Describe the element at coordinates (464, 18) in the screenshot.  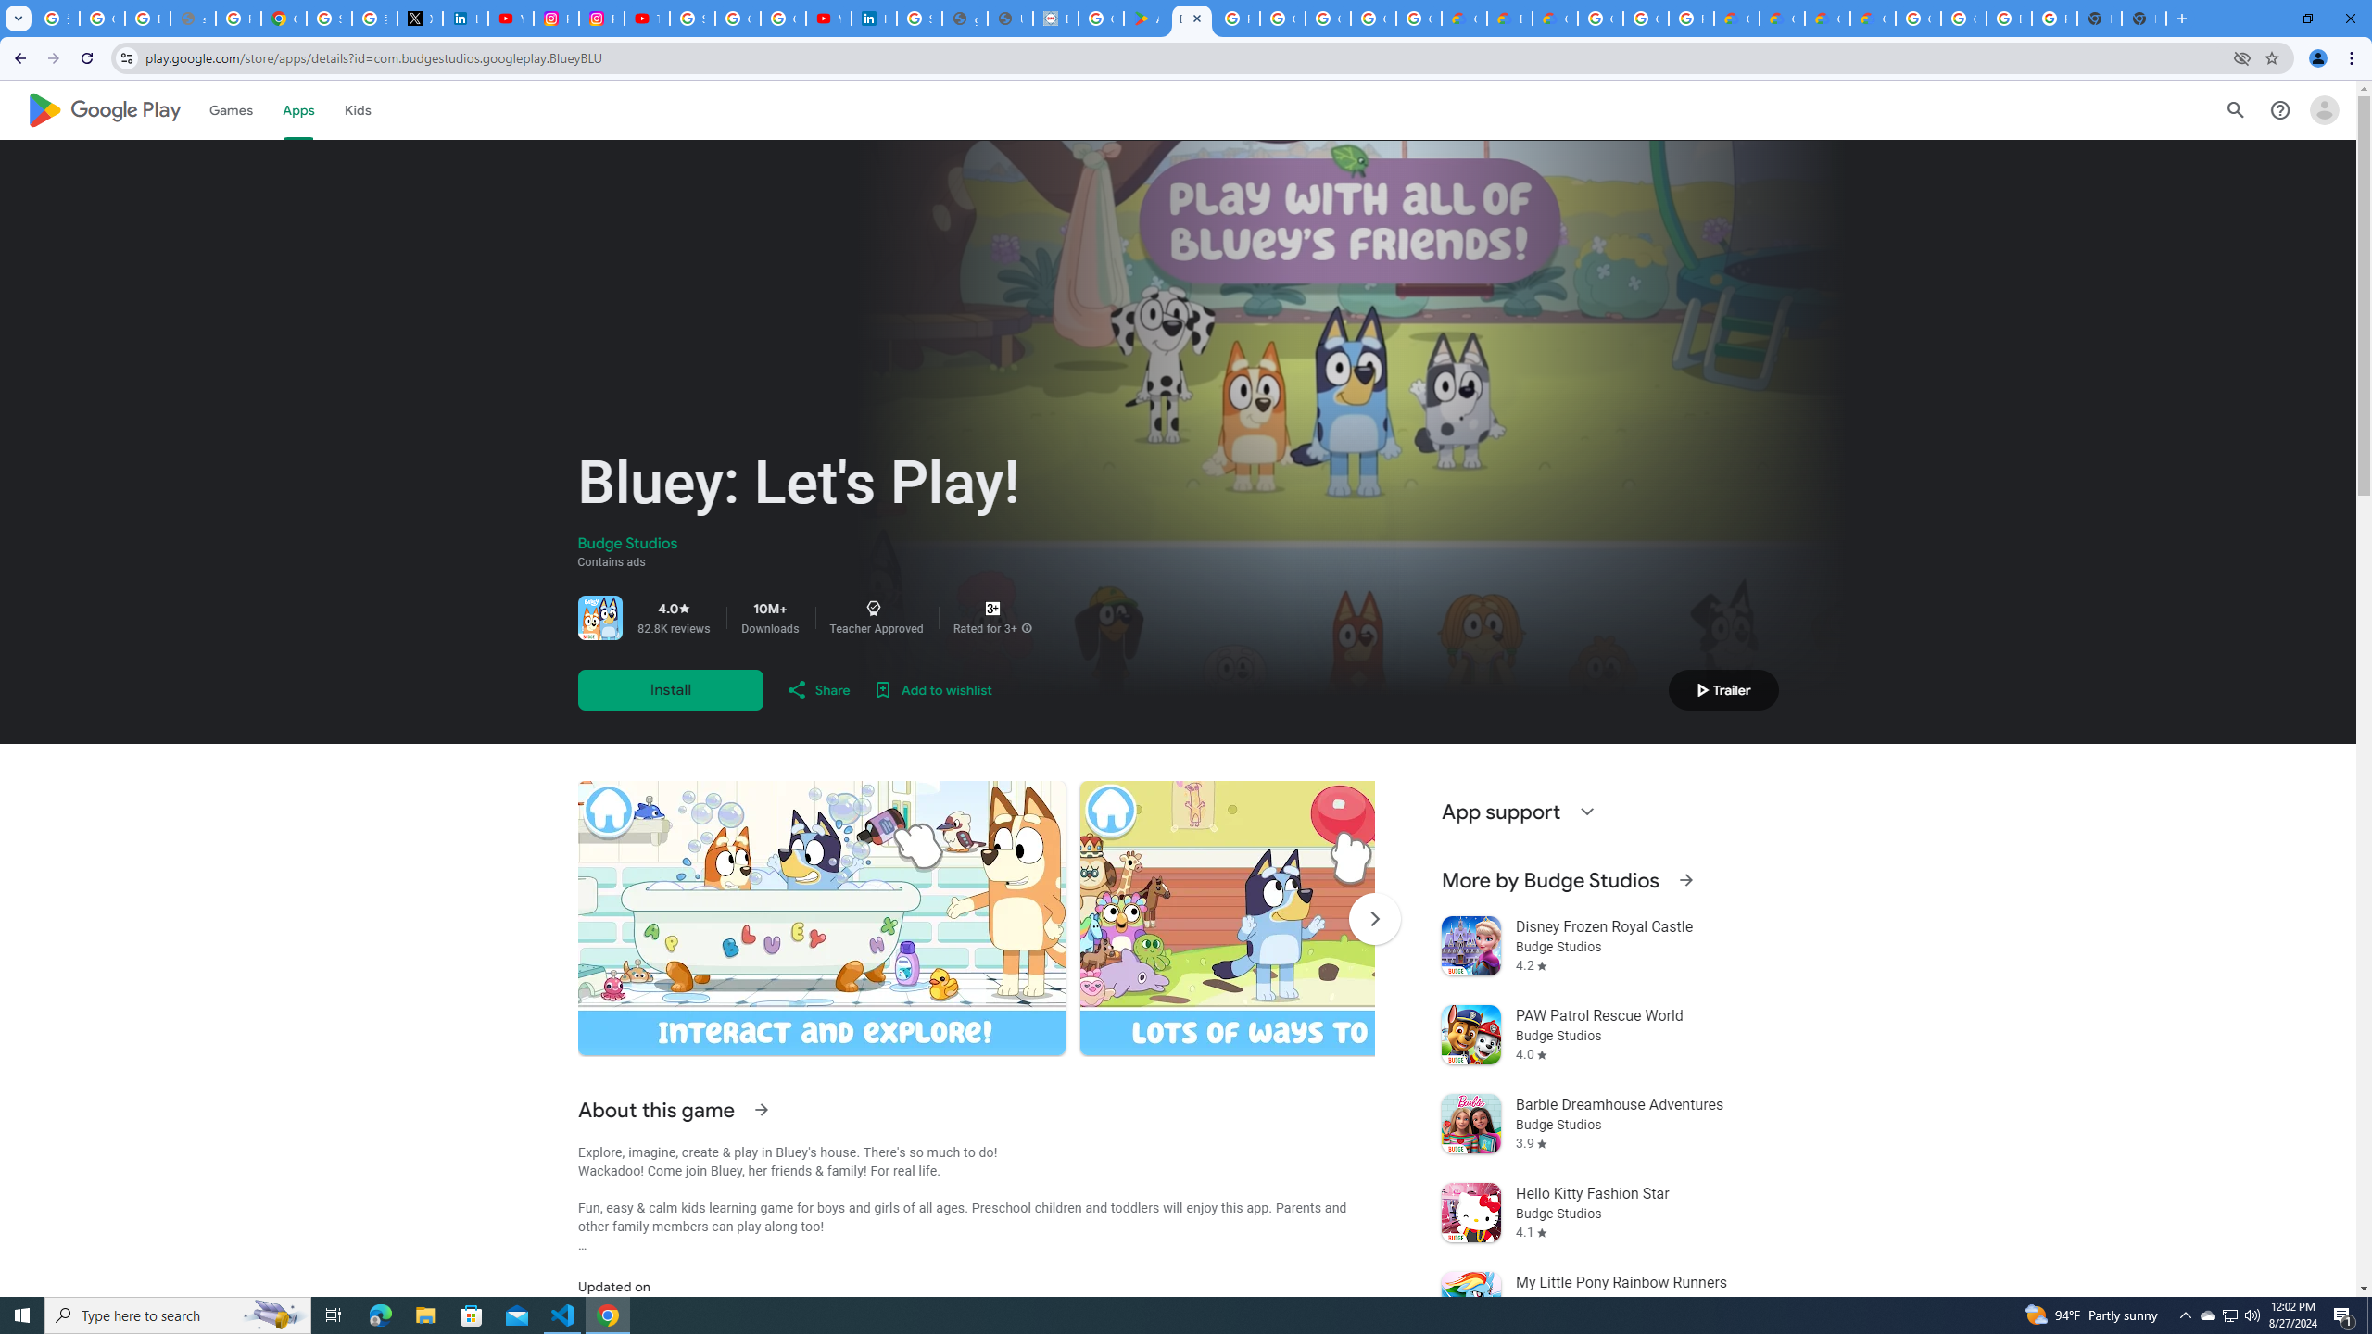
I see `'LinkedIn Privacy Policy'` at that location.